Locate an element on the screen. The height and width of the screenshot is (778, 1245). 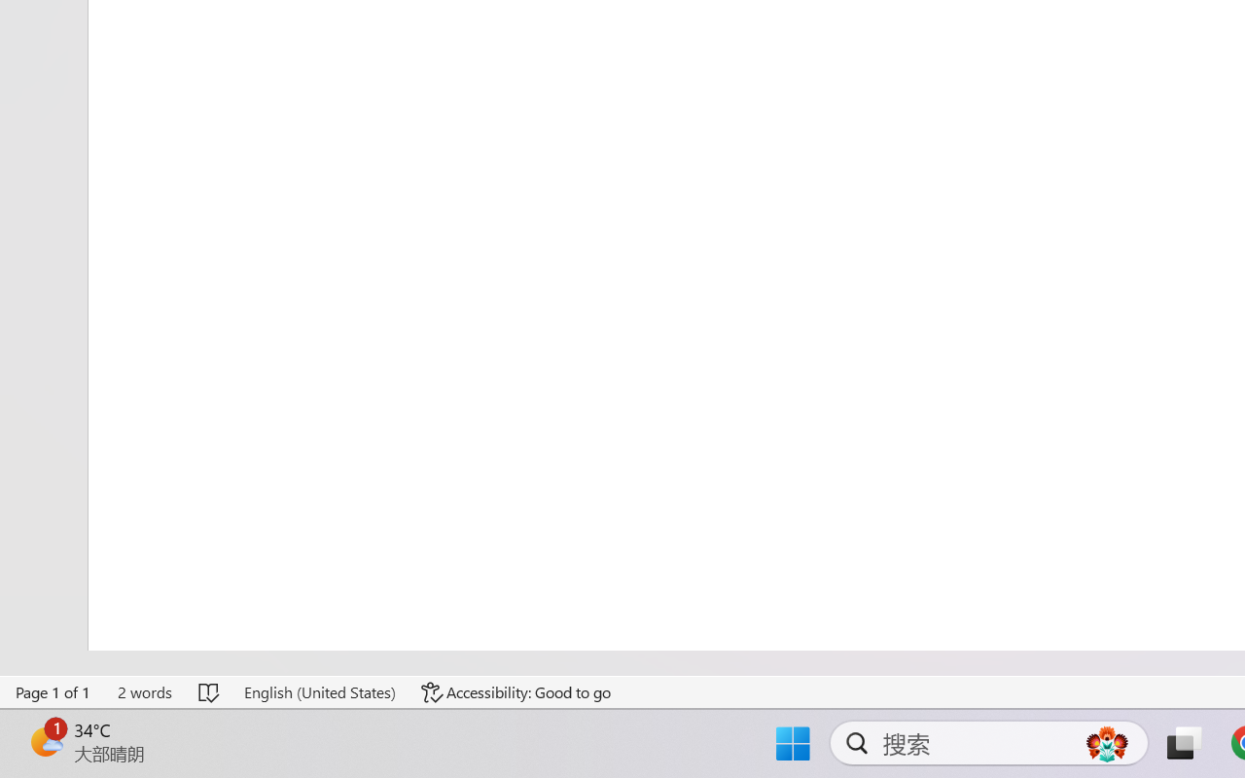
'Language English (United States)' is located at coordinates (319, 691).